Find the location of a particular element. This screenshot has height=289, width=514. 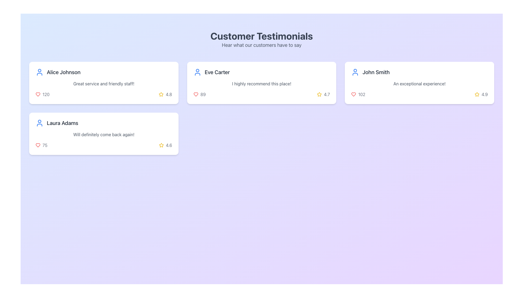

the star-shaped rating icon with a yellow fill and white outline, located in Alice Johnson's testimonial section is located at coordinates (161, 94).